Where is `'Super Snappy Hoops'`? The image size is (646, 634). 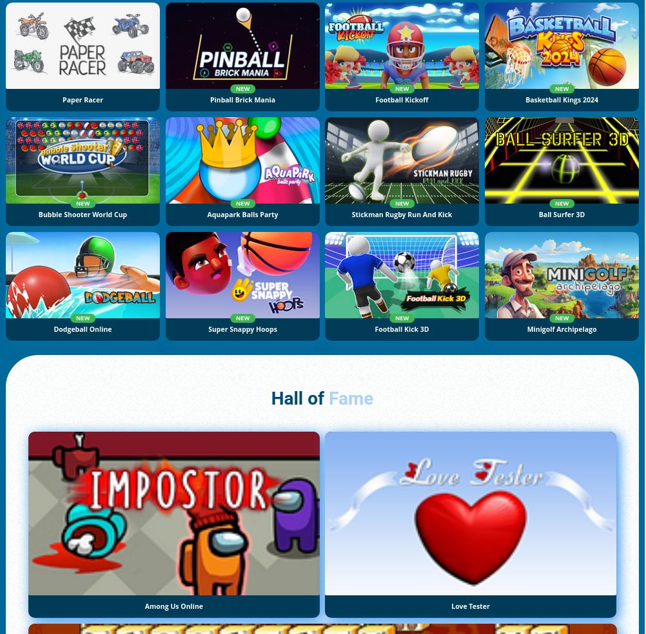 'Super Snappy Hoops' is located at coordinates (207, 328).